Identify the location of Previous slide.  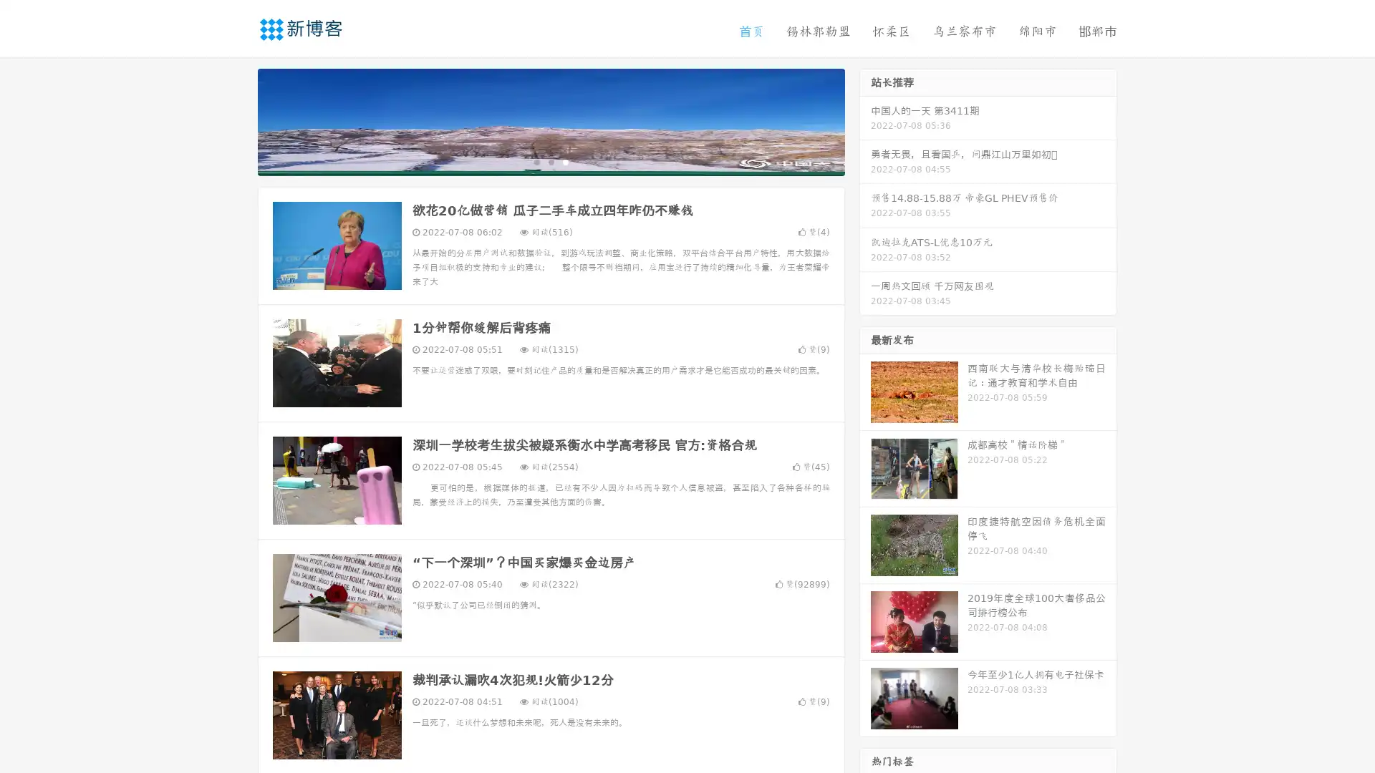
(236, 120).